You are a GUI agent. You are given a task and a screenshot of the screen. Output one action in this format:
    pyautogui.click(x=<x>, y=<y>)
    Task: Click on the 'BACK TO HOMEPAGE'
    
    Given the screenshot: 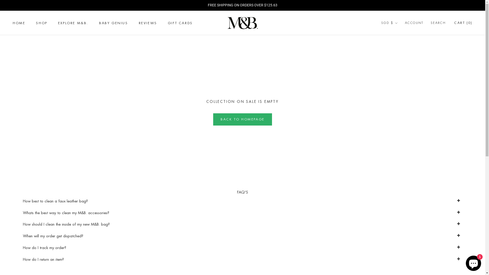 What is the action you would take?
    pyautogui.click(x=242, y=119)
    